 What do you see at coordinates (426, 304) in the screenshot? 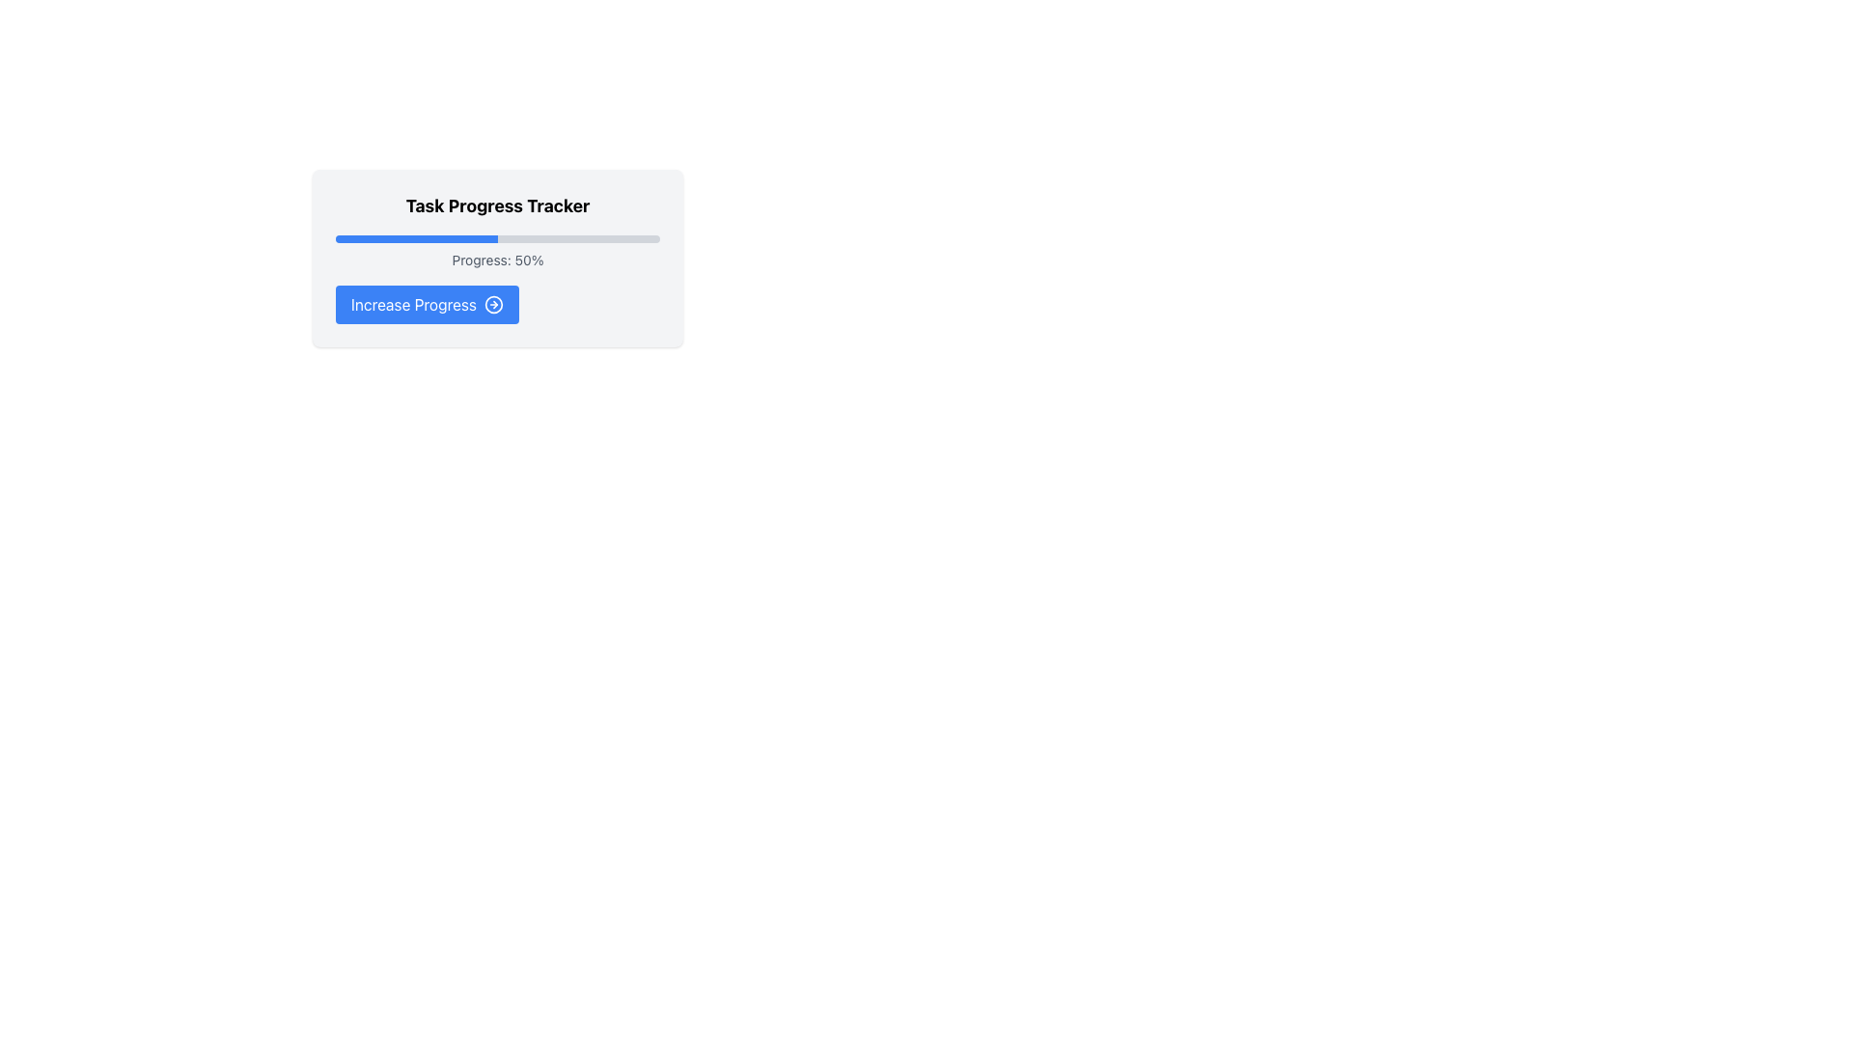
I see `the blue button labeled 'Increase Progress' located at the bottom of the 'Task Progress Tracker' component` at bounding box center [426, 304].